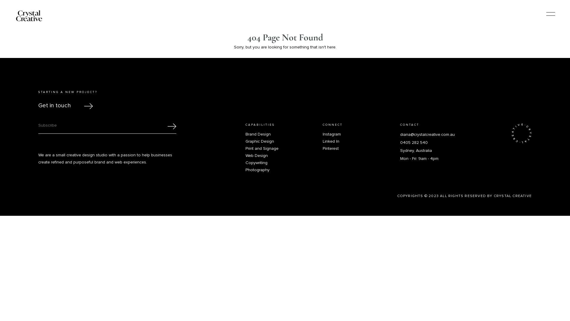  Describe the element at coordinates (361, 141) in the screenshot. I see `'Linked In'` at that location.